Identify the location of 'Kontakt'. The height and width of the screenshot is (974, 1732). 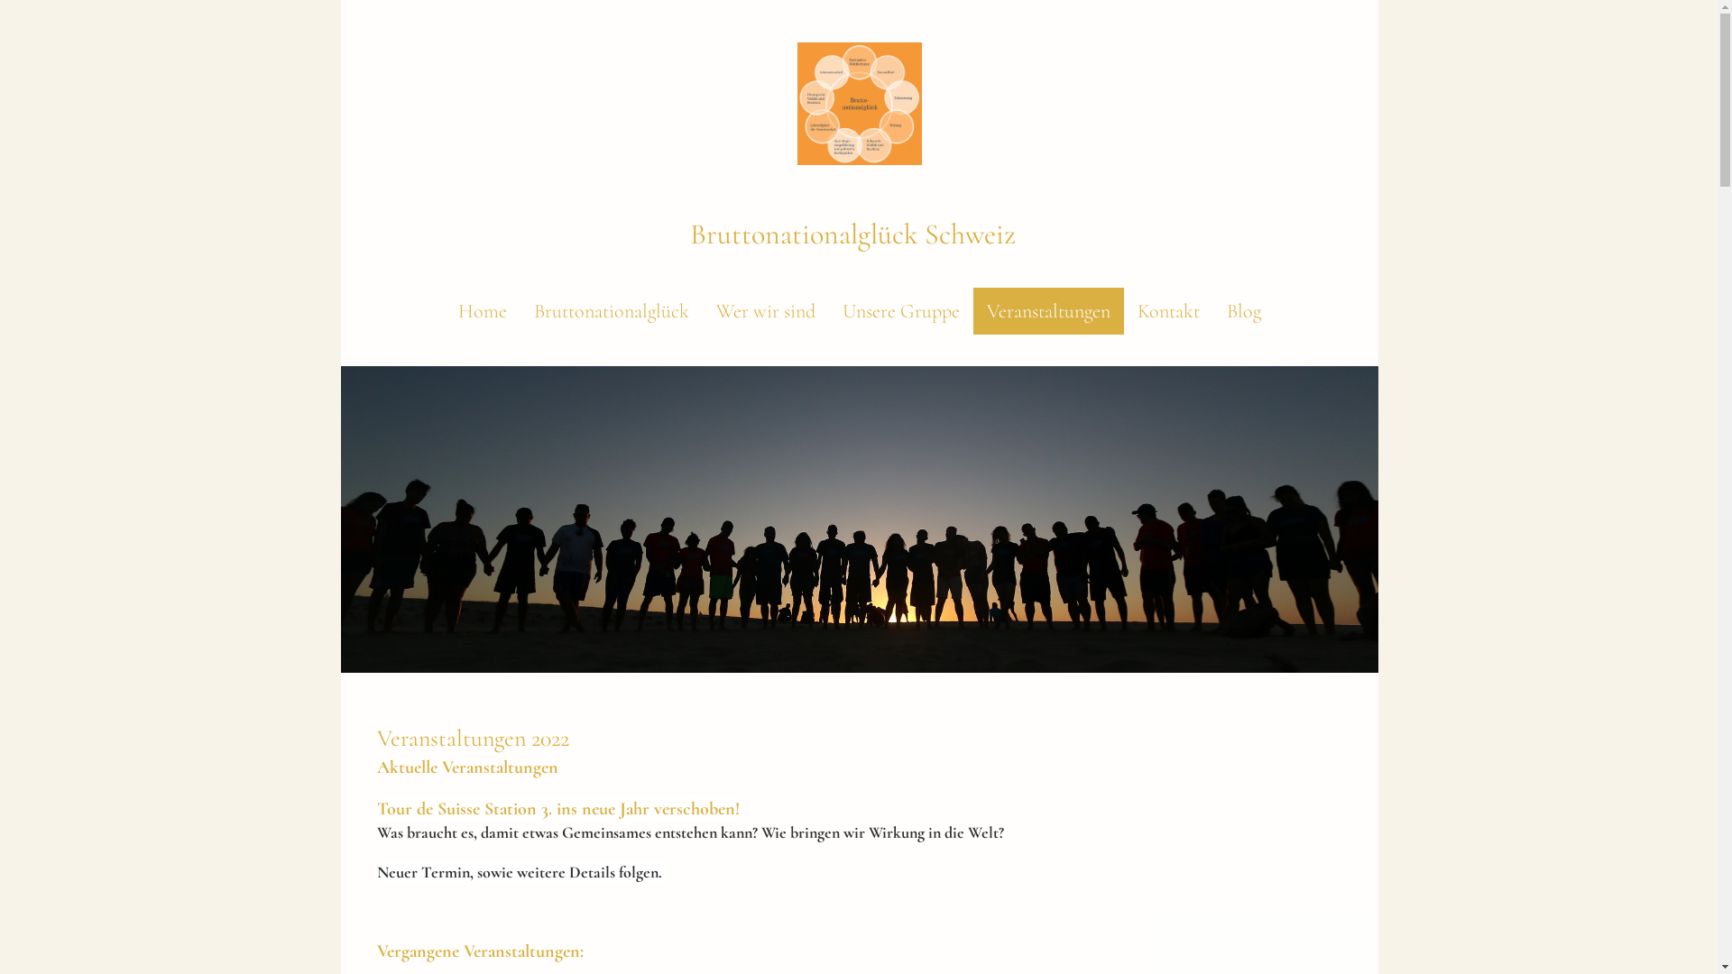
(1168, 309).